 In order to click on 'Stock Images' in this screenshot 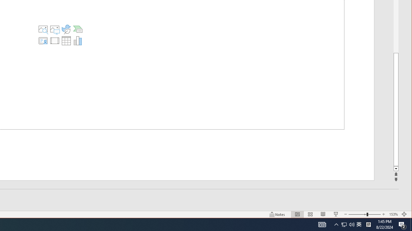, I will do `click(42, 29)`.